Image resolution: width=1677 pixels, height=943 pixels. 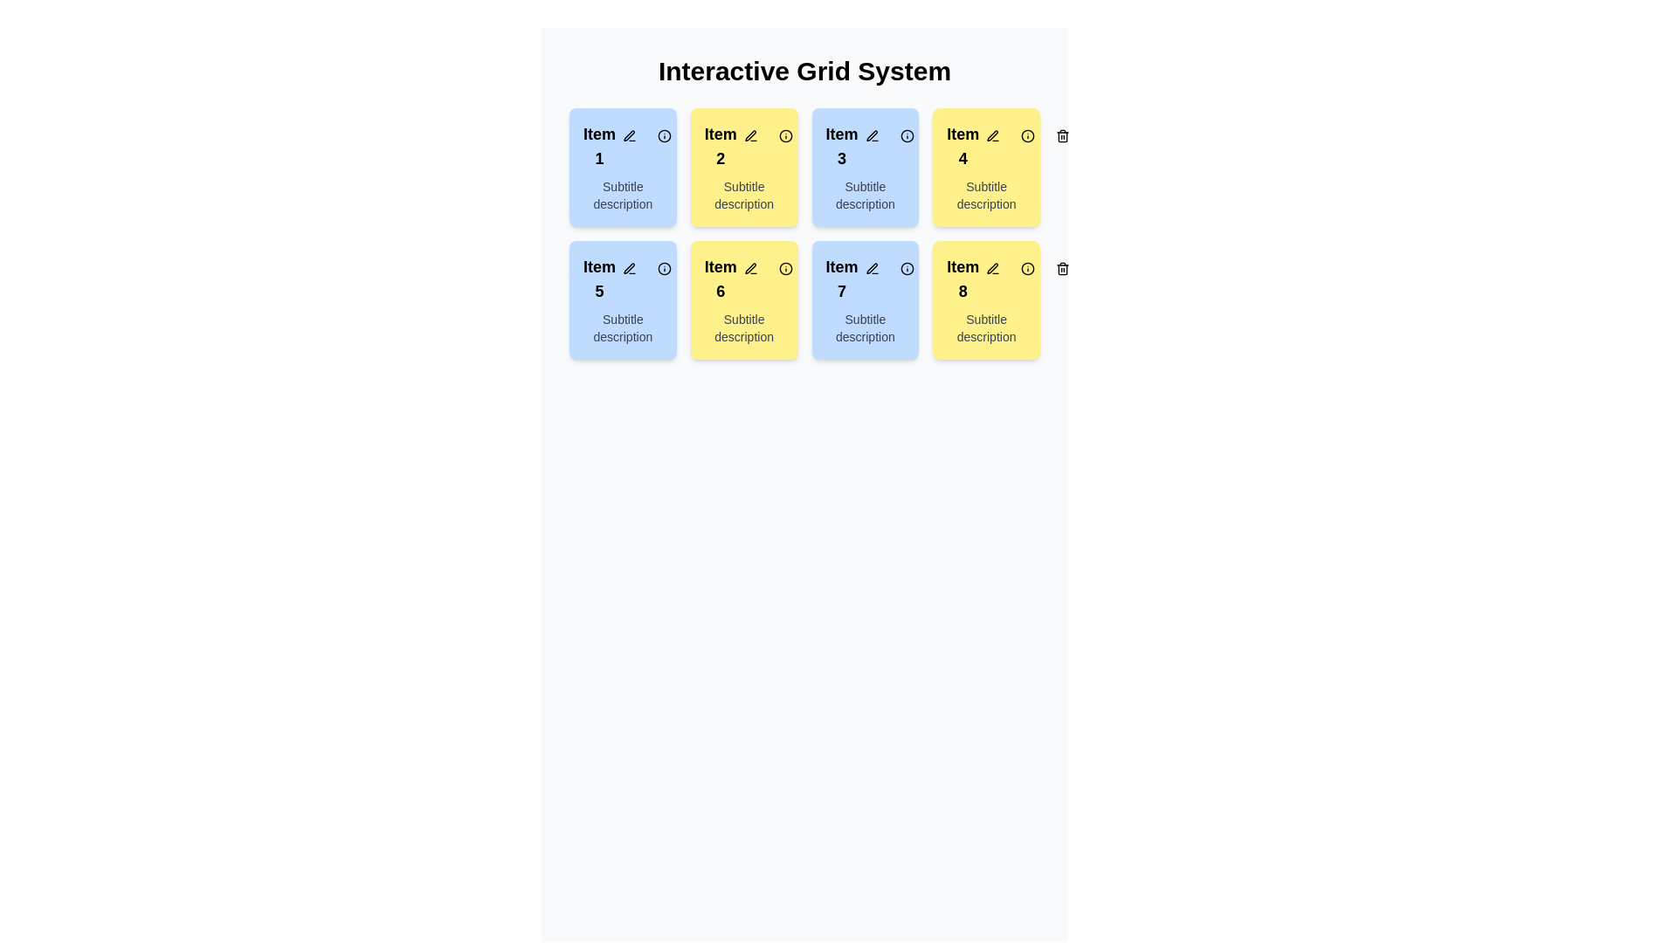 I want to click on the circular icon in the SVG graphic element, which is adjacent to the 'Item 8' grid card, so click(x=1028, y=269).